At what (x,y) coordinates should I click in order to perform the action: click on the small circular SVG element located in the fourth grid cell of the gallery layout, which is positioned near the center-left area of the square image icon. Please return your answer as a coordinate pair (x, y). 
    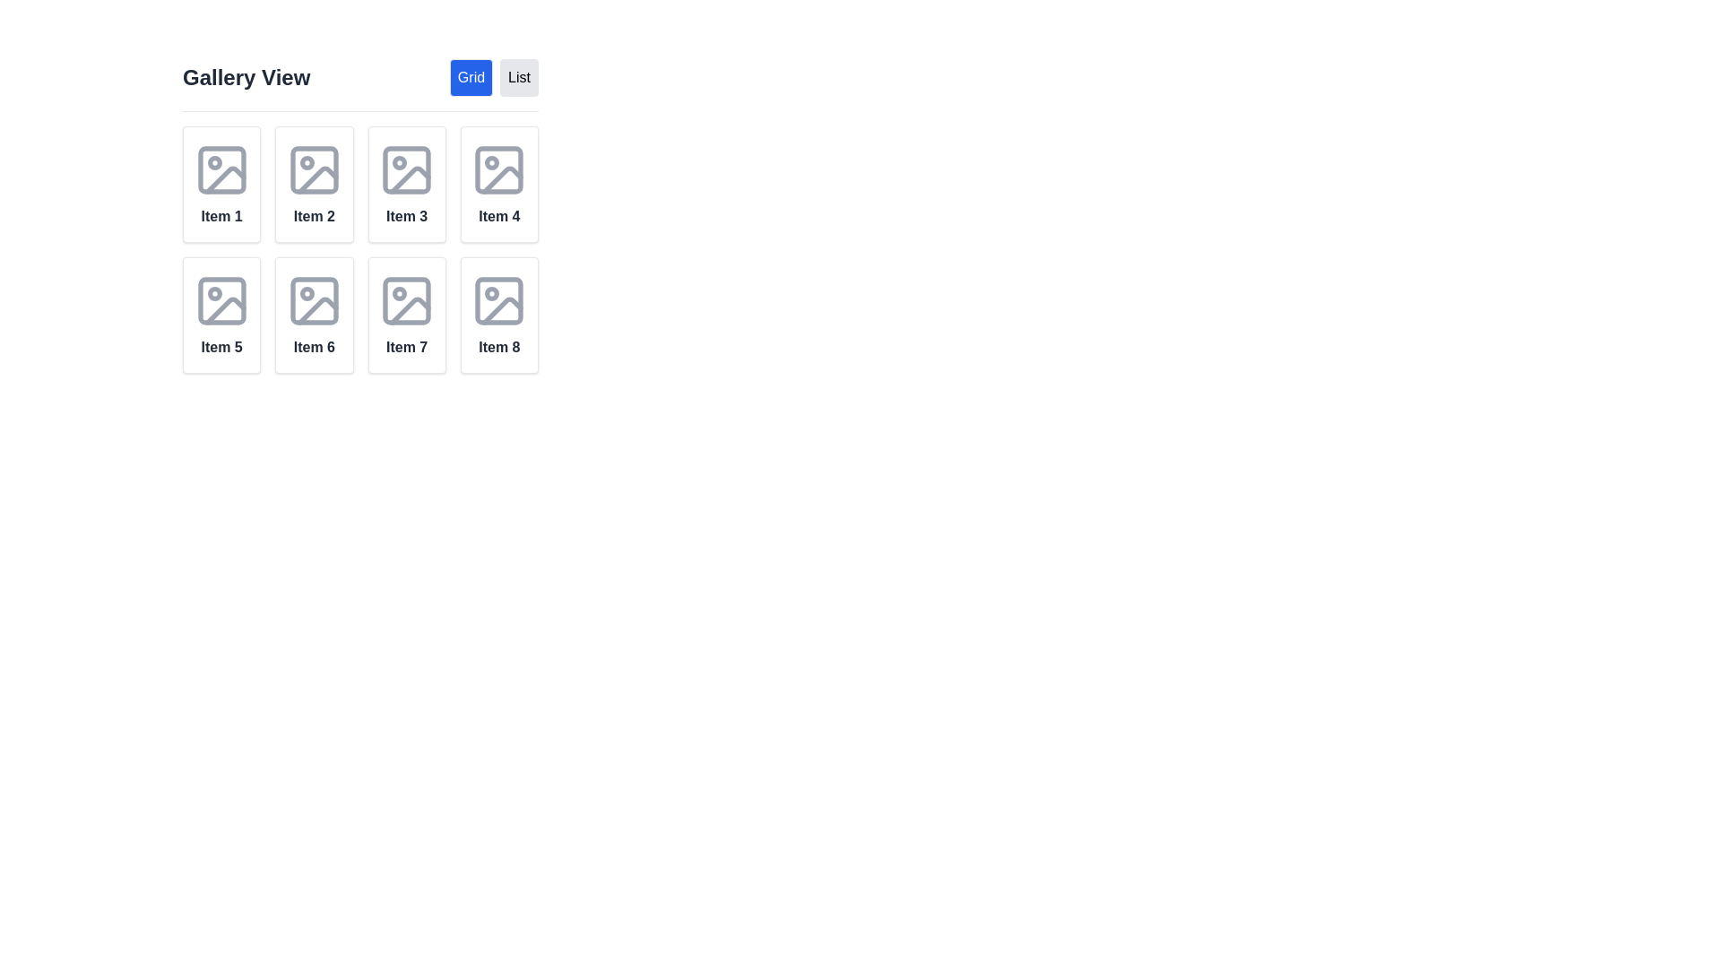
    Looking at the image, I should click on (492, 162).